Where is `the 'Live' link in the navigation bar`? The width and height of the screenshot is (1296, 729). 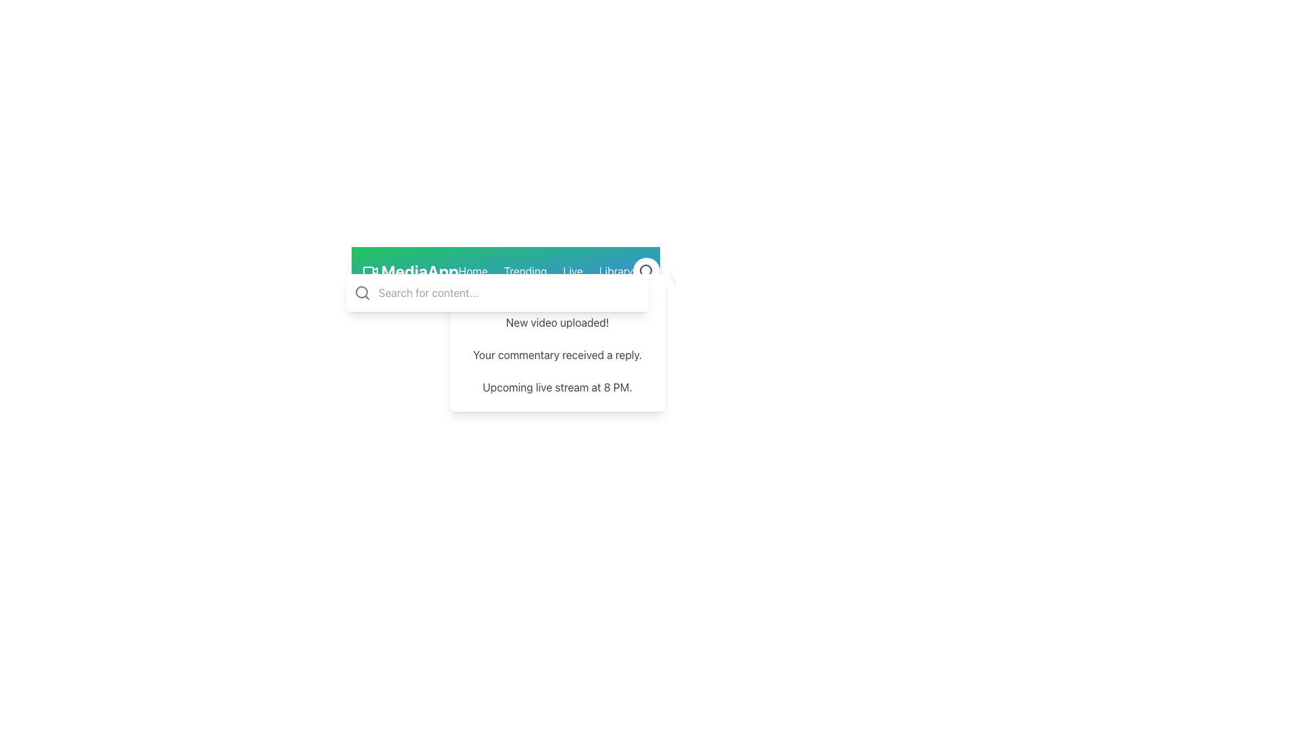
the 'Live' link in the navigation bar is located at coordinates (573, 271).